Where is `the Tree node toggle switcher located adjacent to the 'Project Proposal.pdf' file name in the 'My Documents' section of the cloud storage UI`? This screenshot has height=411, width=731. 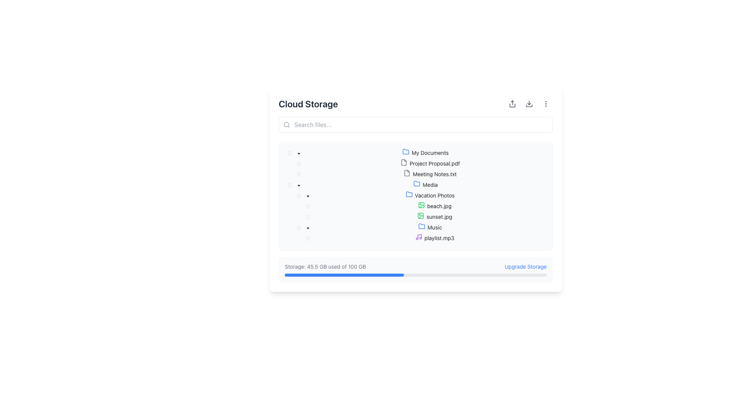
the Tree node toggle switcher located adjacent to the 'Project Proposal.pdf' file name in the 'My Documents' section of the cloud storage UI is located at coordinates (308, 163).